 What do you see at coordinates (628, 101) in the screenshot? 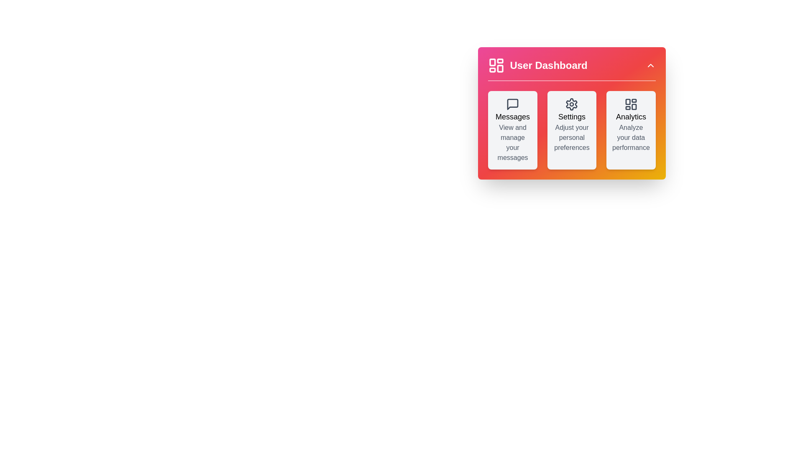
I see `the Decorative UI element that is part of the grid icon located at the top-left corner of the user dashboard panel above the 'Messages' section` at bounding box center [628, 101].